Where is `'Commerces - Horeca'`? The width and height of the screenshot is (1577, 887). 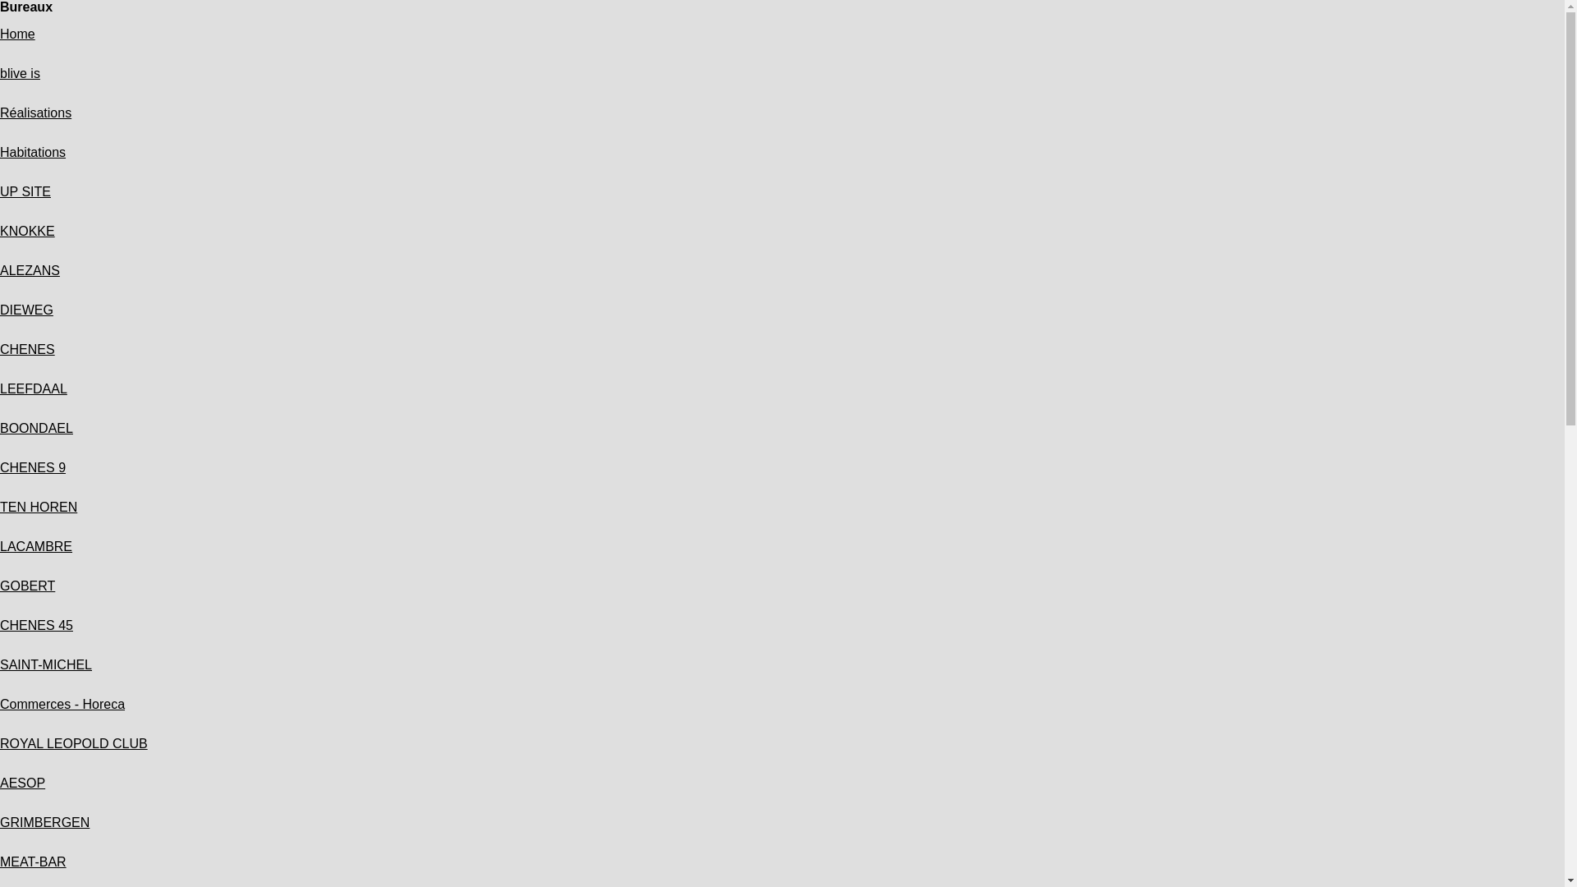
'Commerces - Horeca' is located at coordinates (62, 703).